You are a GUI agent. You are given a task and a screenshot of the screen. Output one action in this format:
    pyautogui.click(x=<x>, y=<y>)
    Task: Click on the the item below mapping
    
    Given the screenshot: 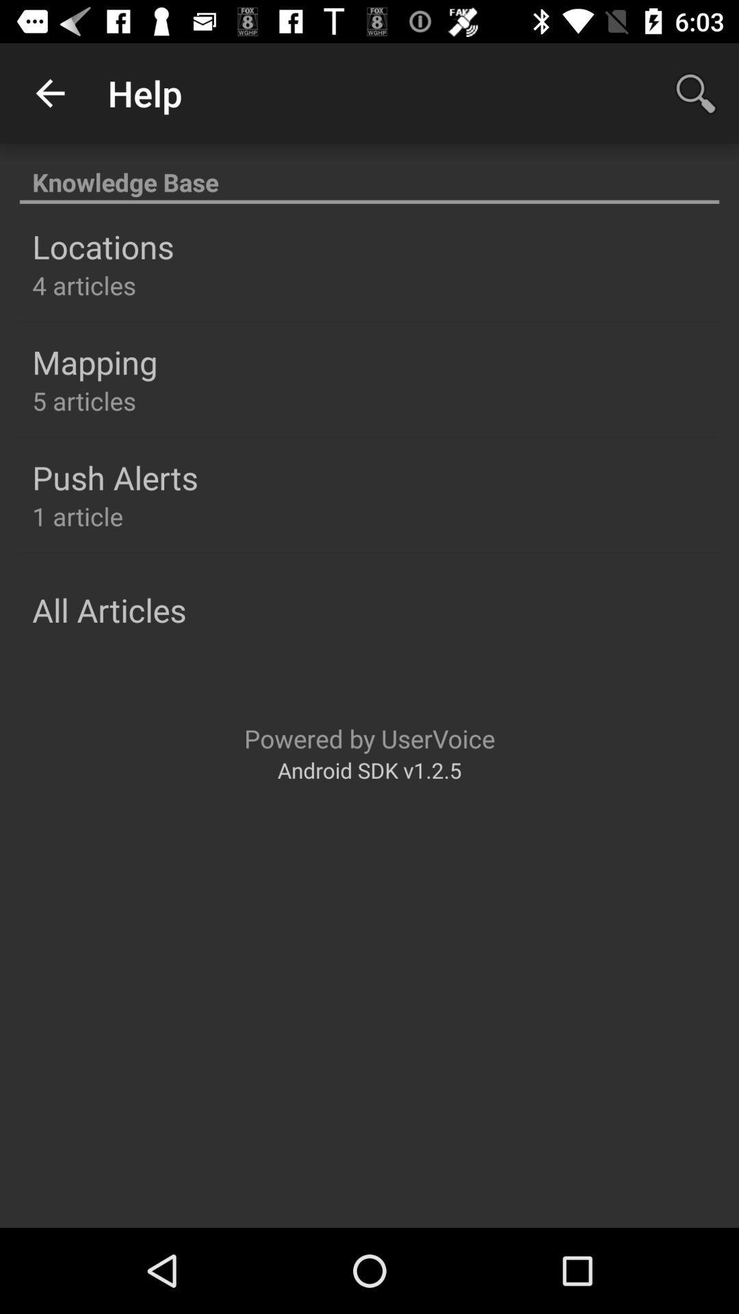 What is the action you would take?
    pyautogui.click(x=84, y=400)
    